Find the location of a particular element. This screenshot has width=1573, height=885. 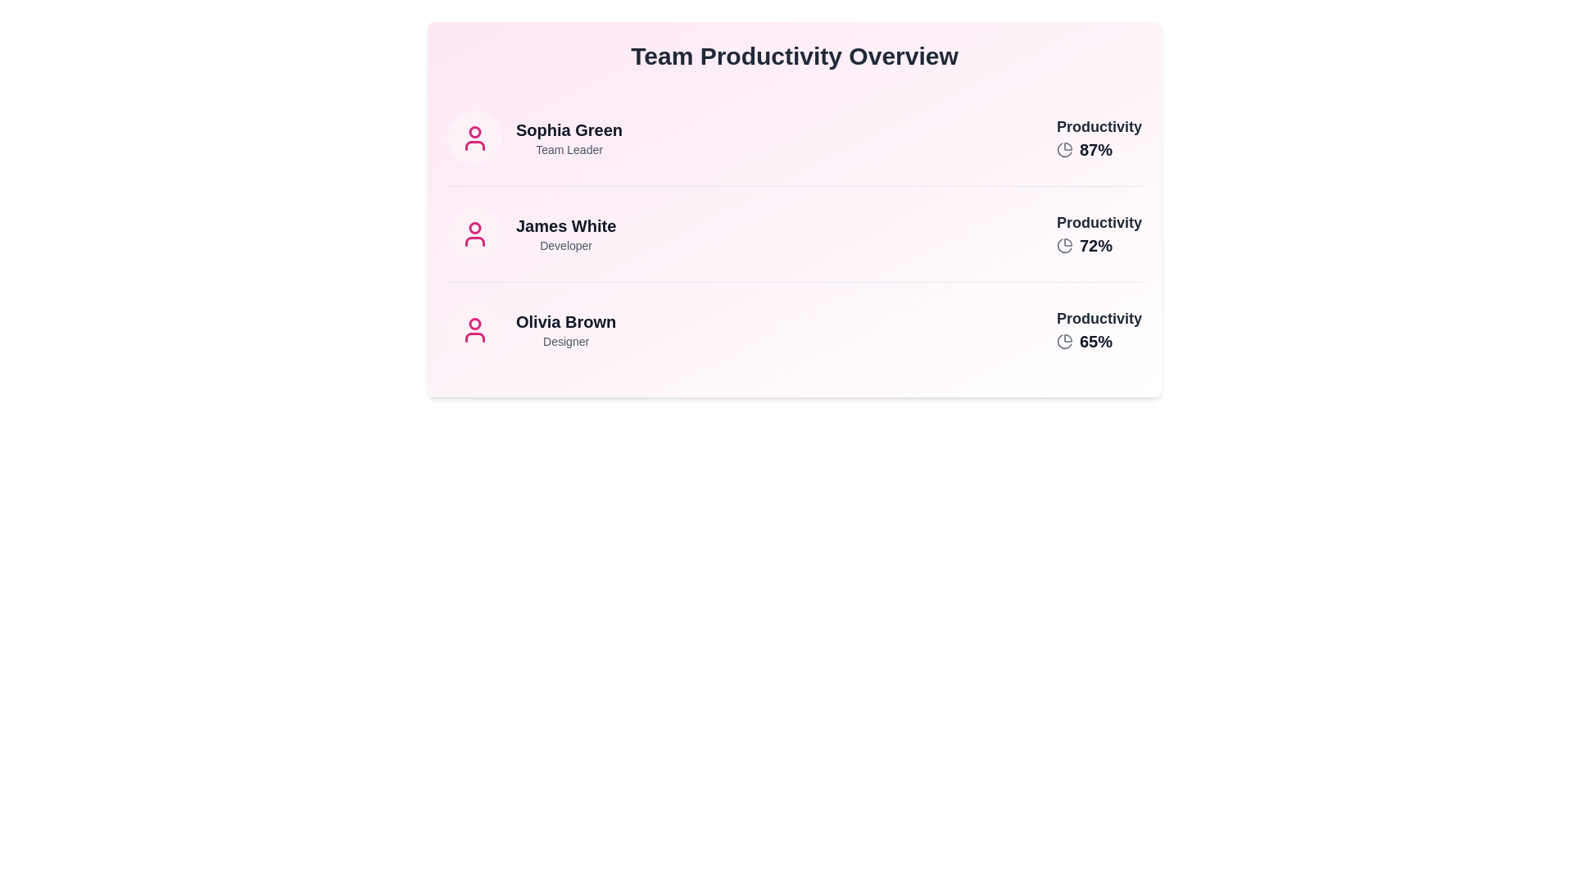

the 'Developer' text label, which is styled in a small gray font and positioned beneath 'James White' in the team productivity overview section is located at coordinates (566, 246).